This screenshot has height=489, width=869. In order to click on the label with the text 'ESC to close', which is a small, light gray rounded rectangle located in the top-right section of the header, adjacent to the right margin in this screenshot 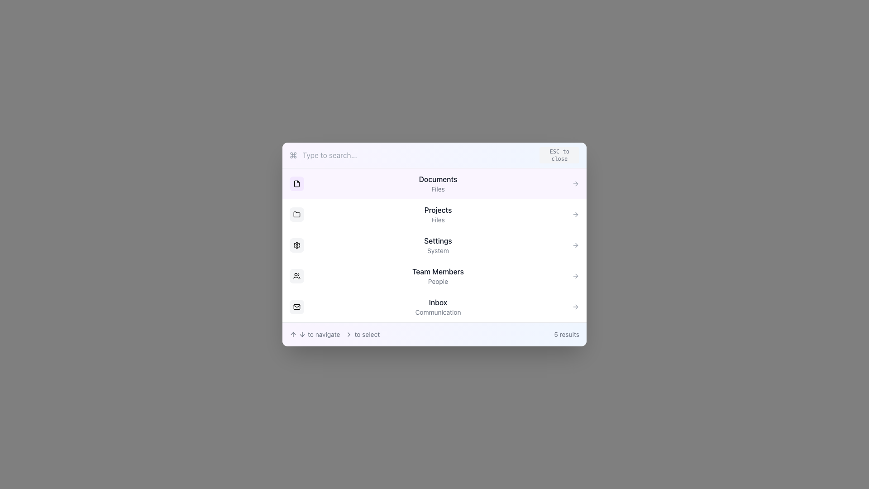, I will do `click(559, 155)`.